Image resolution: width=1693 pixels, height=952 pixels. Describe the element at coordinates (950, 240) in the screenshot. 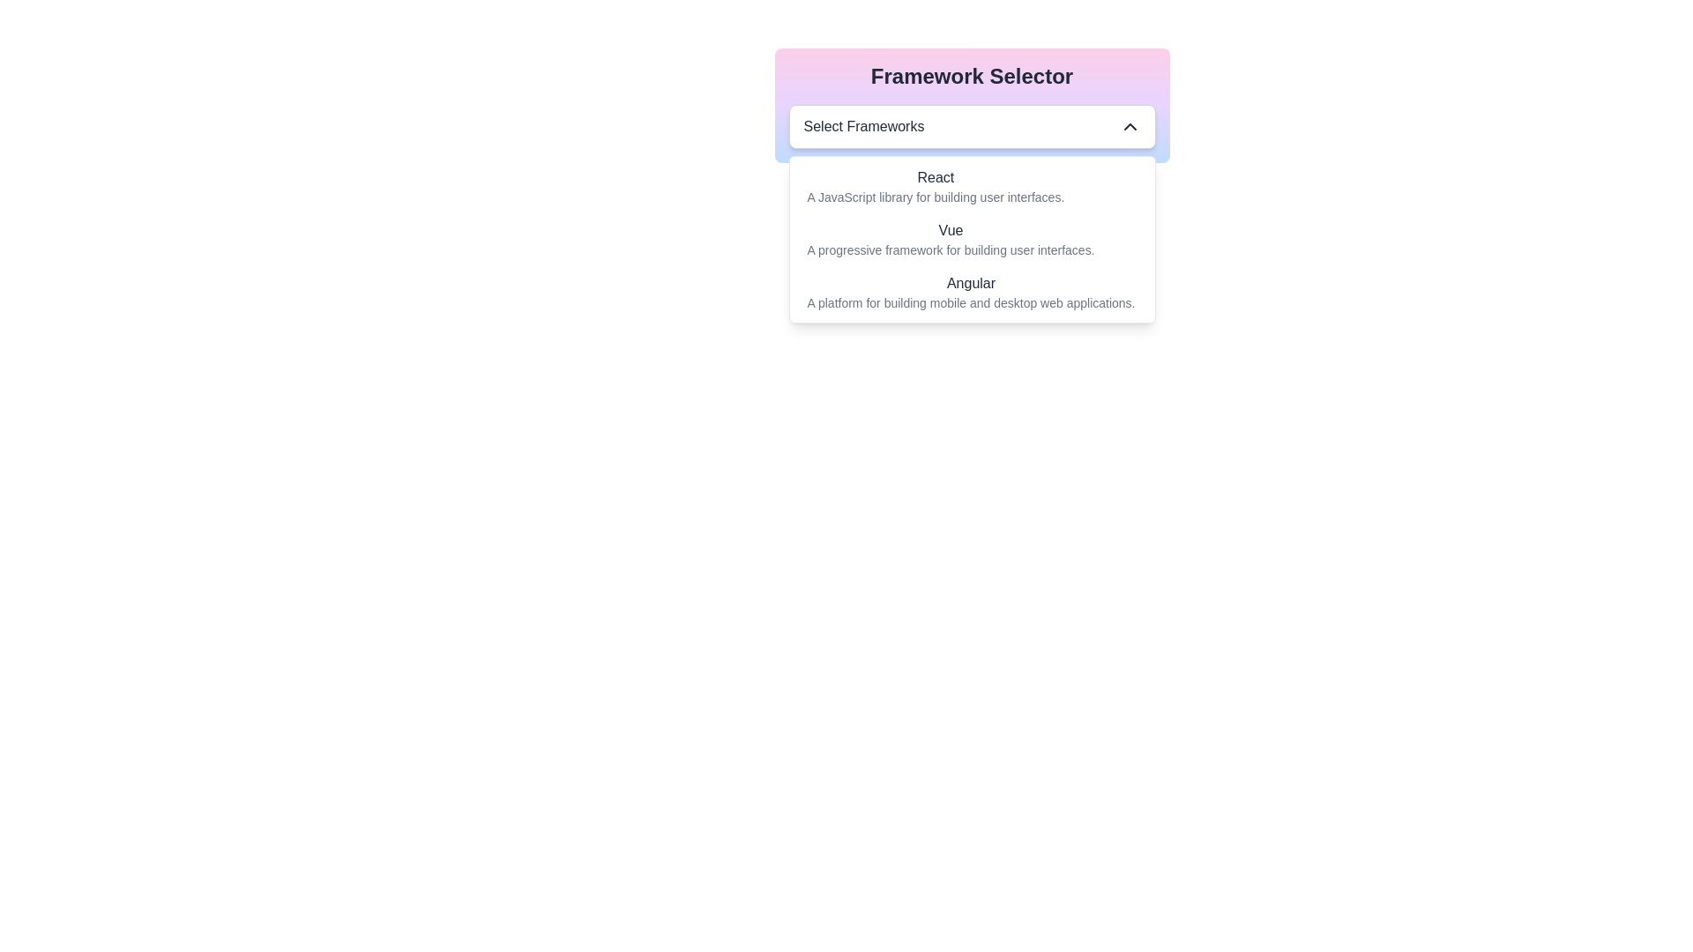

I see `the selectable list item containing the text 'Vue' in the 'Framework Selector' drop-down list` at that location.